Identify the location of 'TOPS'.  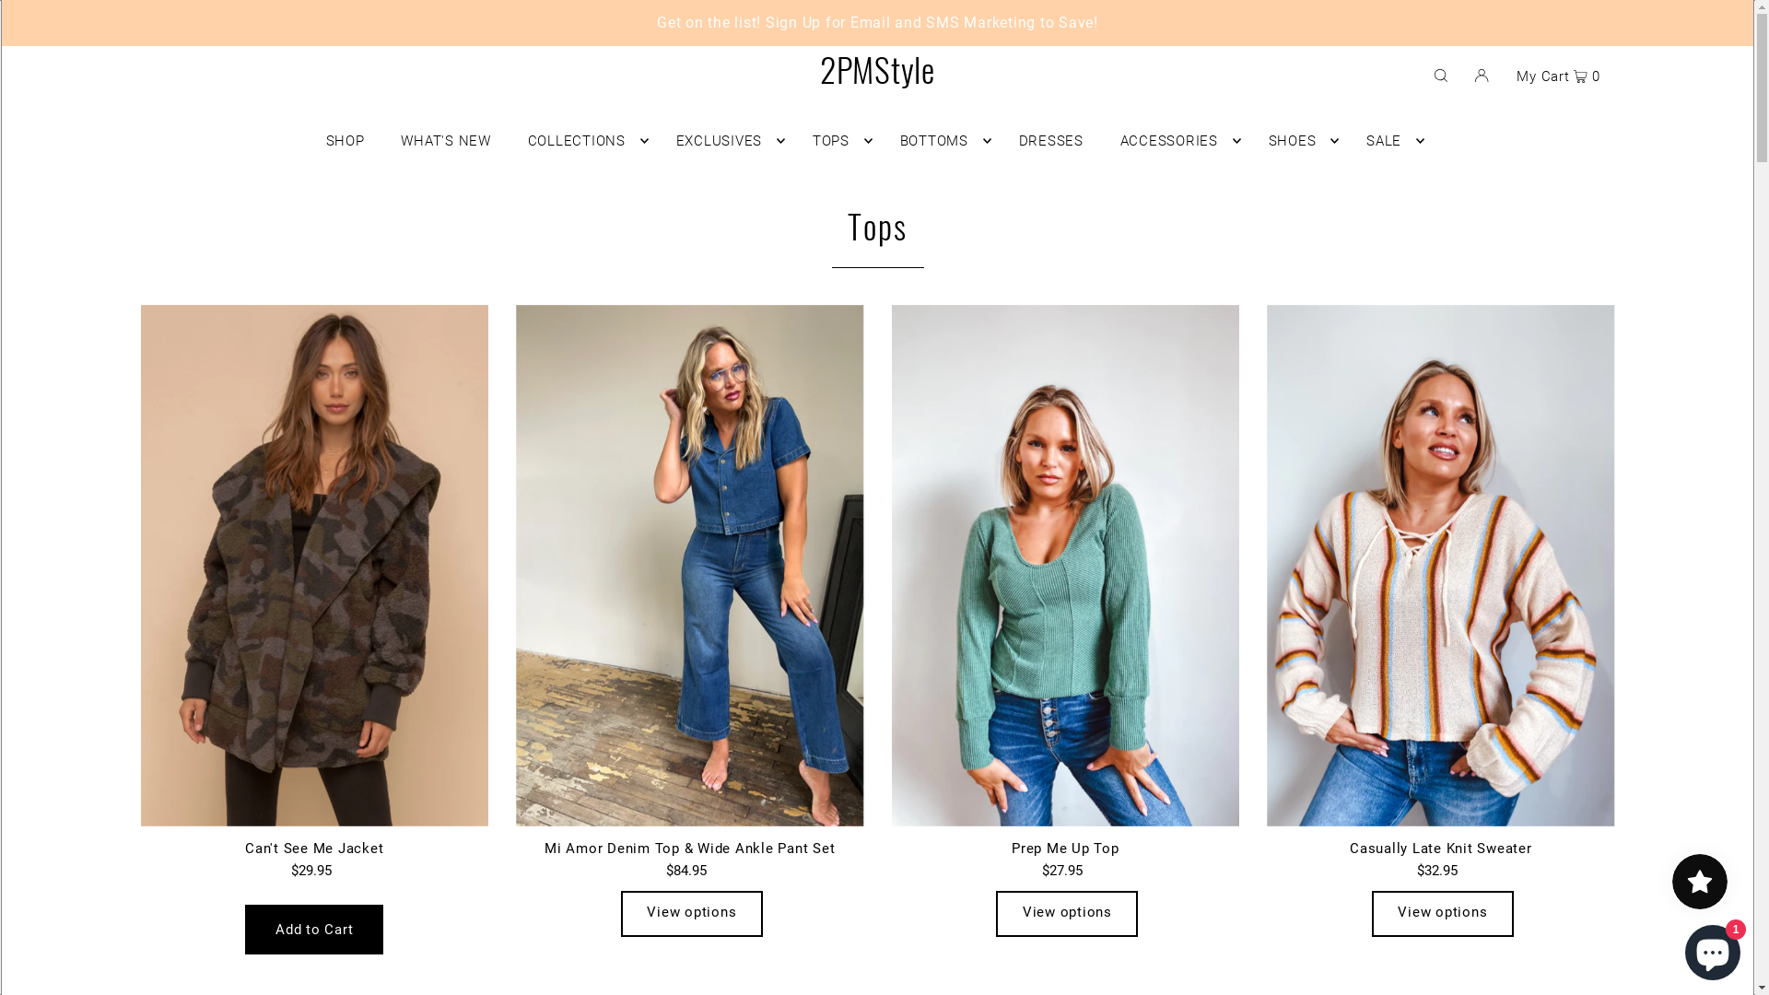
(837, 140).